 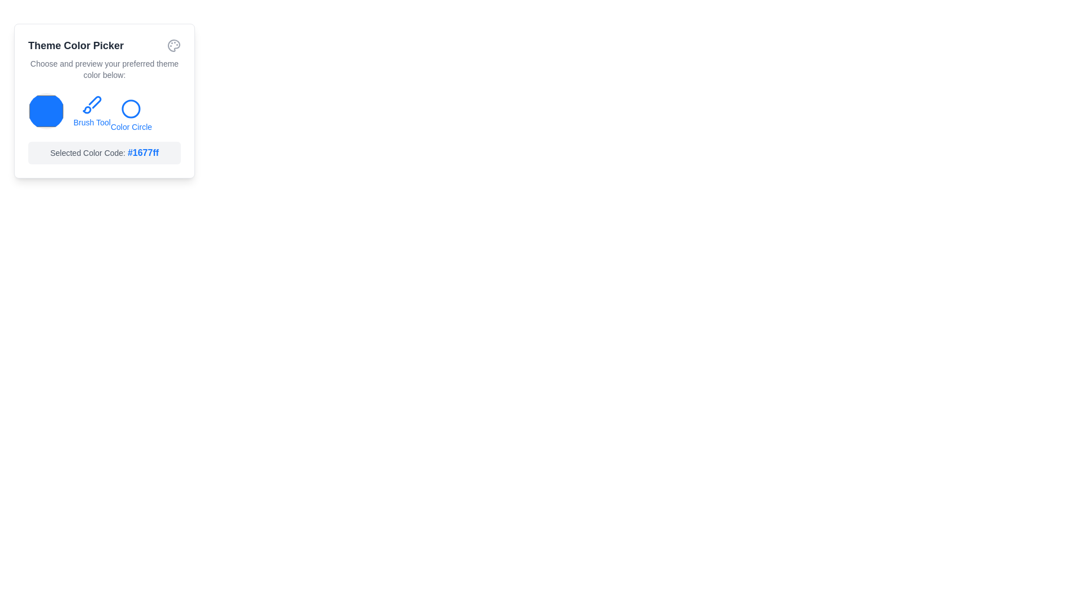 What do you see at coordinates (142, 152) in the screenshot?
I see `the text displaying the hexadecimal value of the currently selected color in the Theme Color Picker, located near the bottom of the box labeled 'Theme Color Picker', to the right of 'Selected Color Code'` at bounding box center [142, 152].